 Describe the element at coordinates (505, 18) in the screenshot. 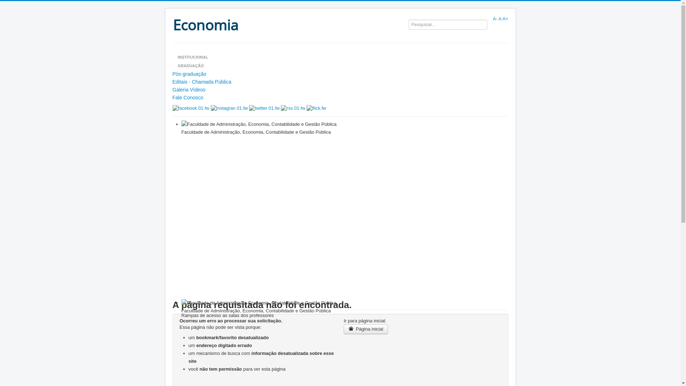

I see `'A+'` at that location.